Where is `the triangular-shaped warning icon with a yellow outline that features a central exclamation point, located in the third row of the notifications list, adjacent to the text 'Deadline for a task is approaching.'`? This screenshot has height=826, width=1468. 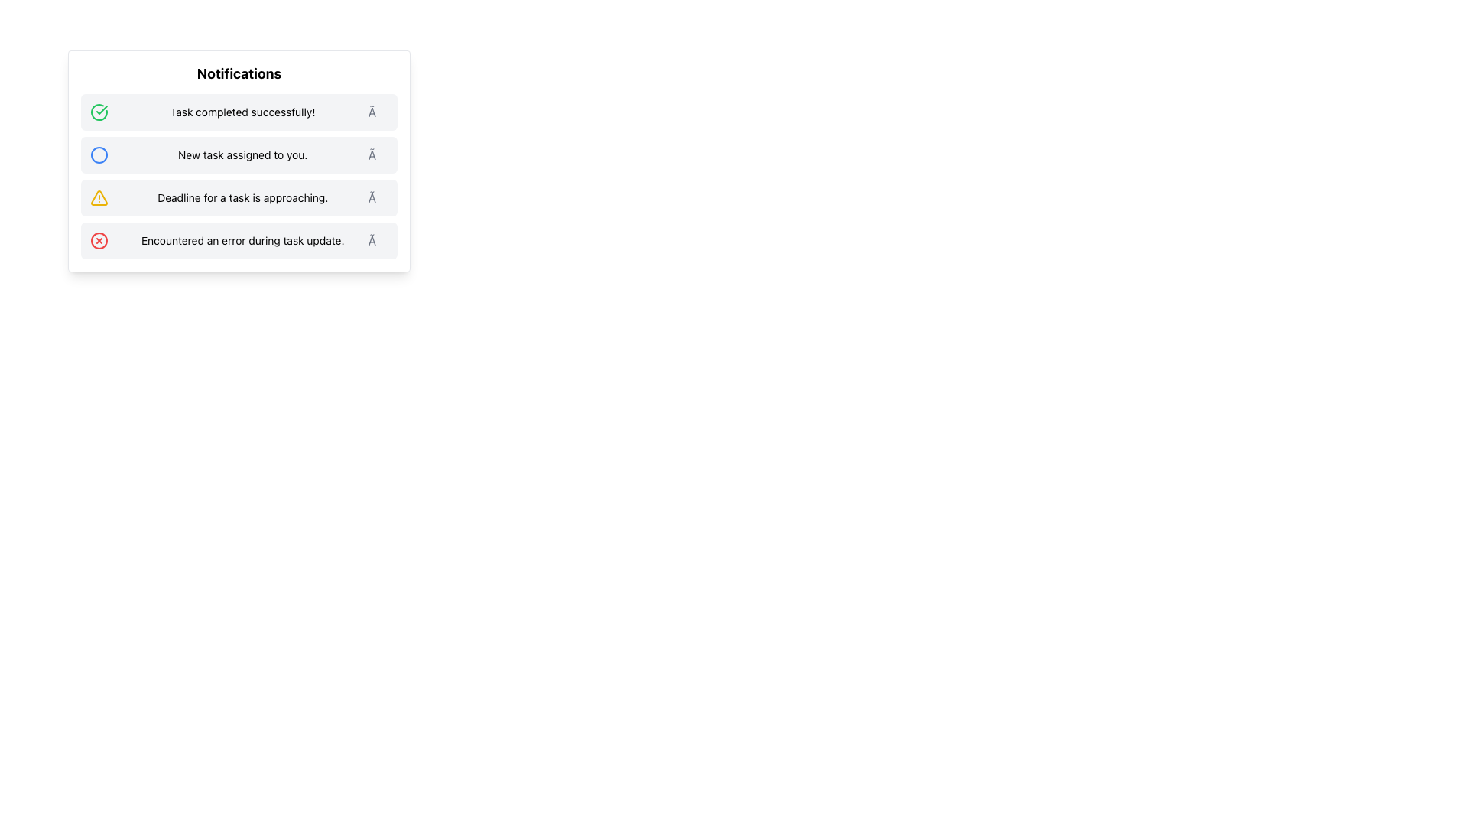
the triangular-shaped warning icon with a yellow outline that features a central exclamation point, located in the third row of the notifications list, adjacent to the text 'Deadline for a task is approaching.' is located at coordinates (98, 197).